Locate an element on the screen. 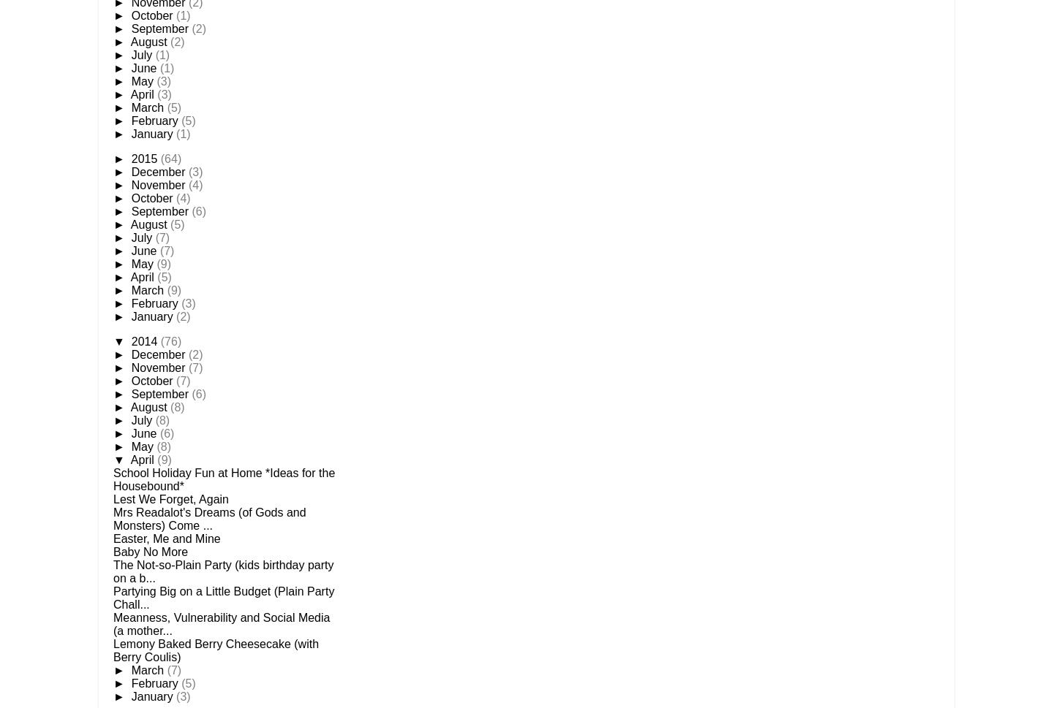 The width and height of the screenshot is (1053, 708). 'Partying Big on a Little Budget (Plain Party Chall...' is located at coordinates (112, 598).